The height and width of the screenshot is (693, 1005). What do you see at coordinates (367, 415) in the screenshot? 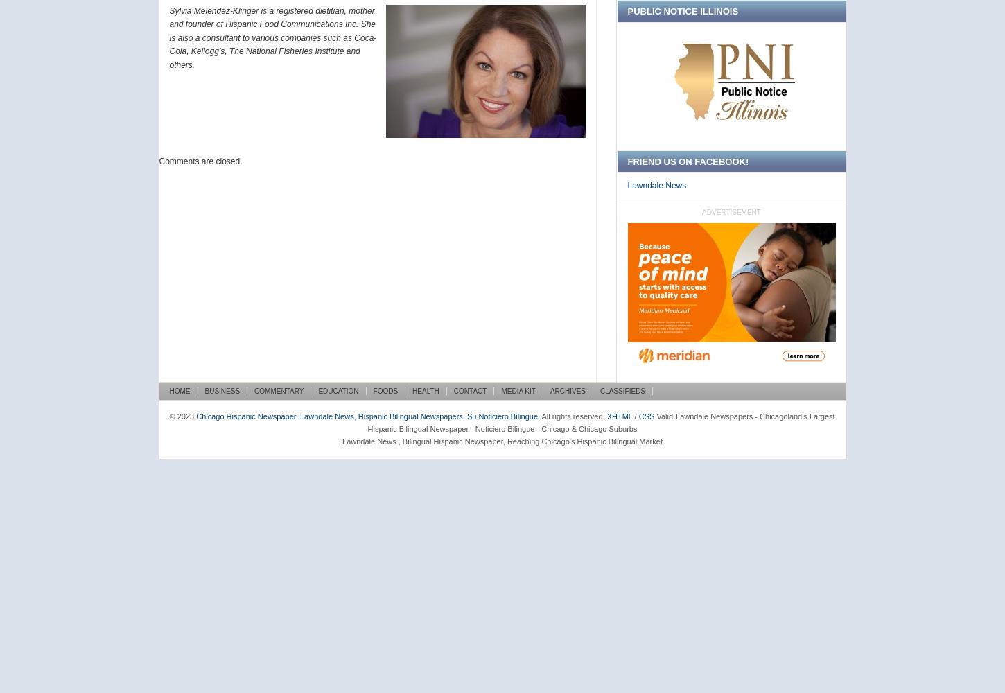
I see `'Chicago Hispanic Newspaper, Lawndale News,  Hispanic Bilingual Newspapers, Su Noticiero Bilingue'` at bounding box center [367, 415].